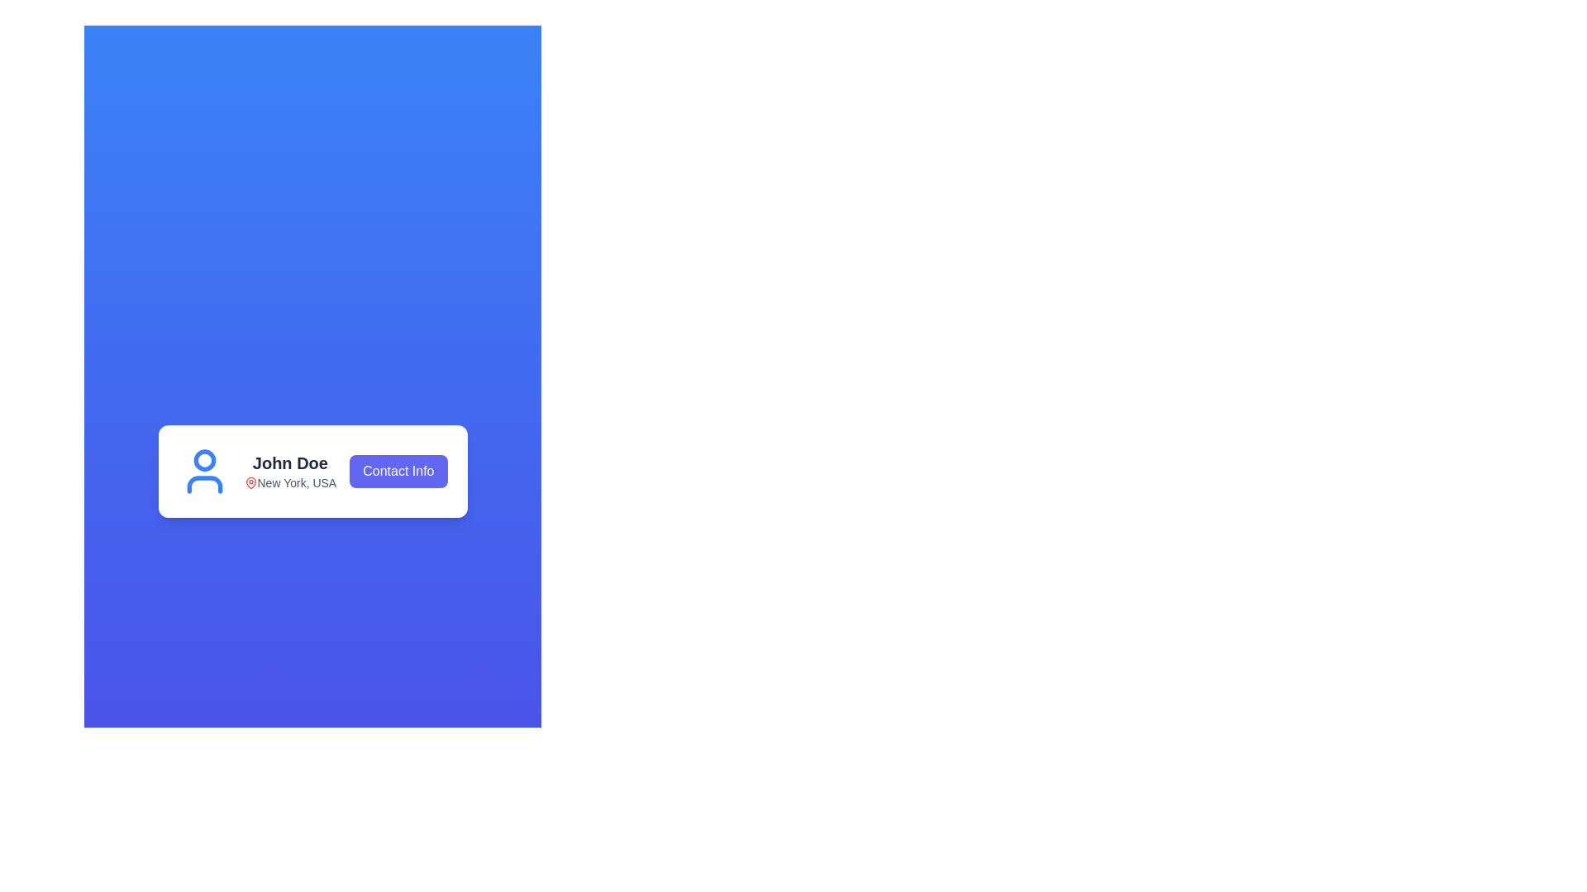  Describe the element at coordinates (290, 483) in the screenshot. I see `the text element displaying the geographic location of the user, located directly below the title 'John Doe' in the user information card layout` at that location.